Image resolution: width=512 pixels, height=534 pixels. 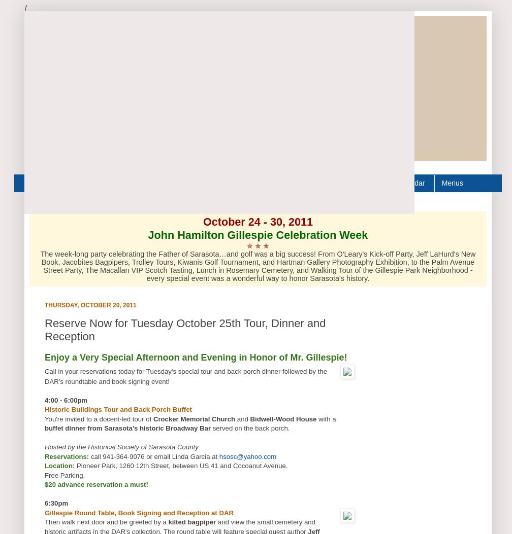 I want to click on 'Location:', so click(x=59, y=465).